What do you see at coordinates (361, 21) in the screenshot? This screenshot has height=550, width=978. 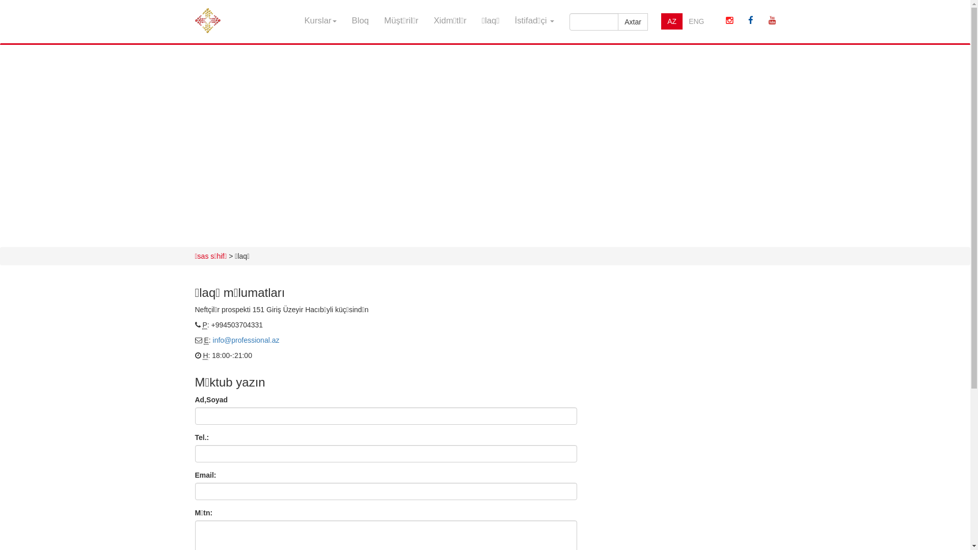 I see `'Bloq'` at bounding box center [361, 21].